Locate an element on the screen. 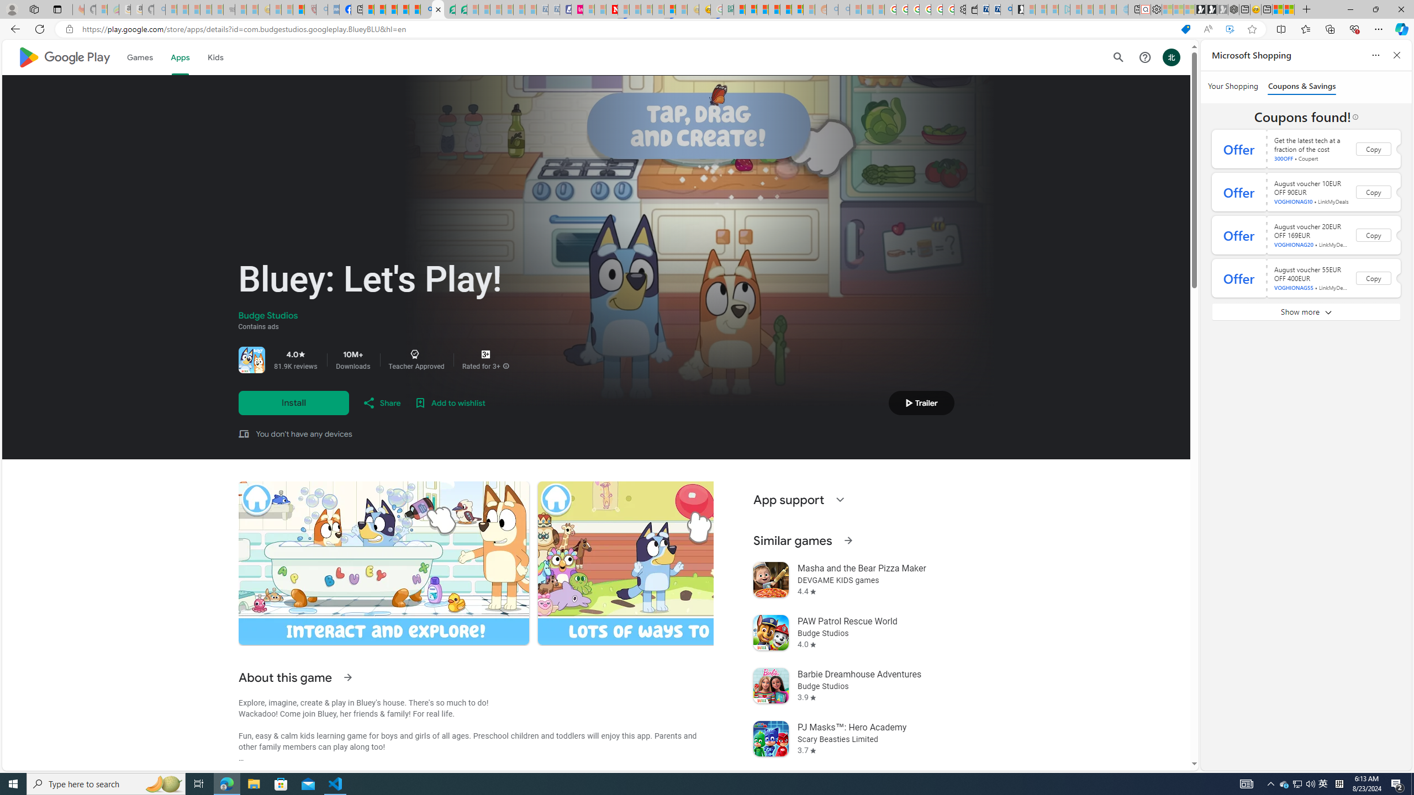 The height and width of the screenshot is (795, 1414). 'Combat Siege' is located at coordinates (229, 9).